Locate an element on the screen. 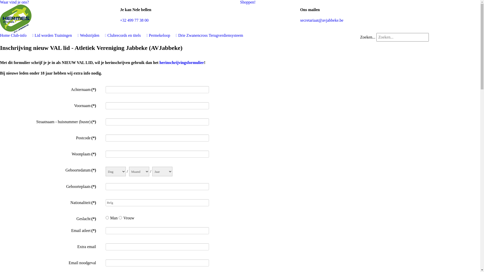 The width and height of the screenshot is (484, 272). 'Permekeloop' is located at coordinates (163, 35).